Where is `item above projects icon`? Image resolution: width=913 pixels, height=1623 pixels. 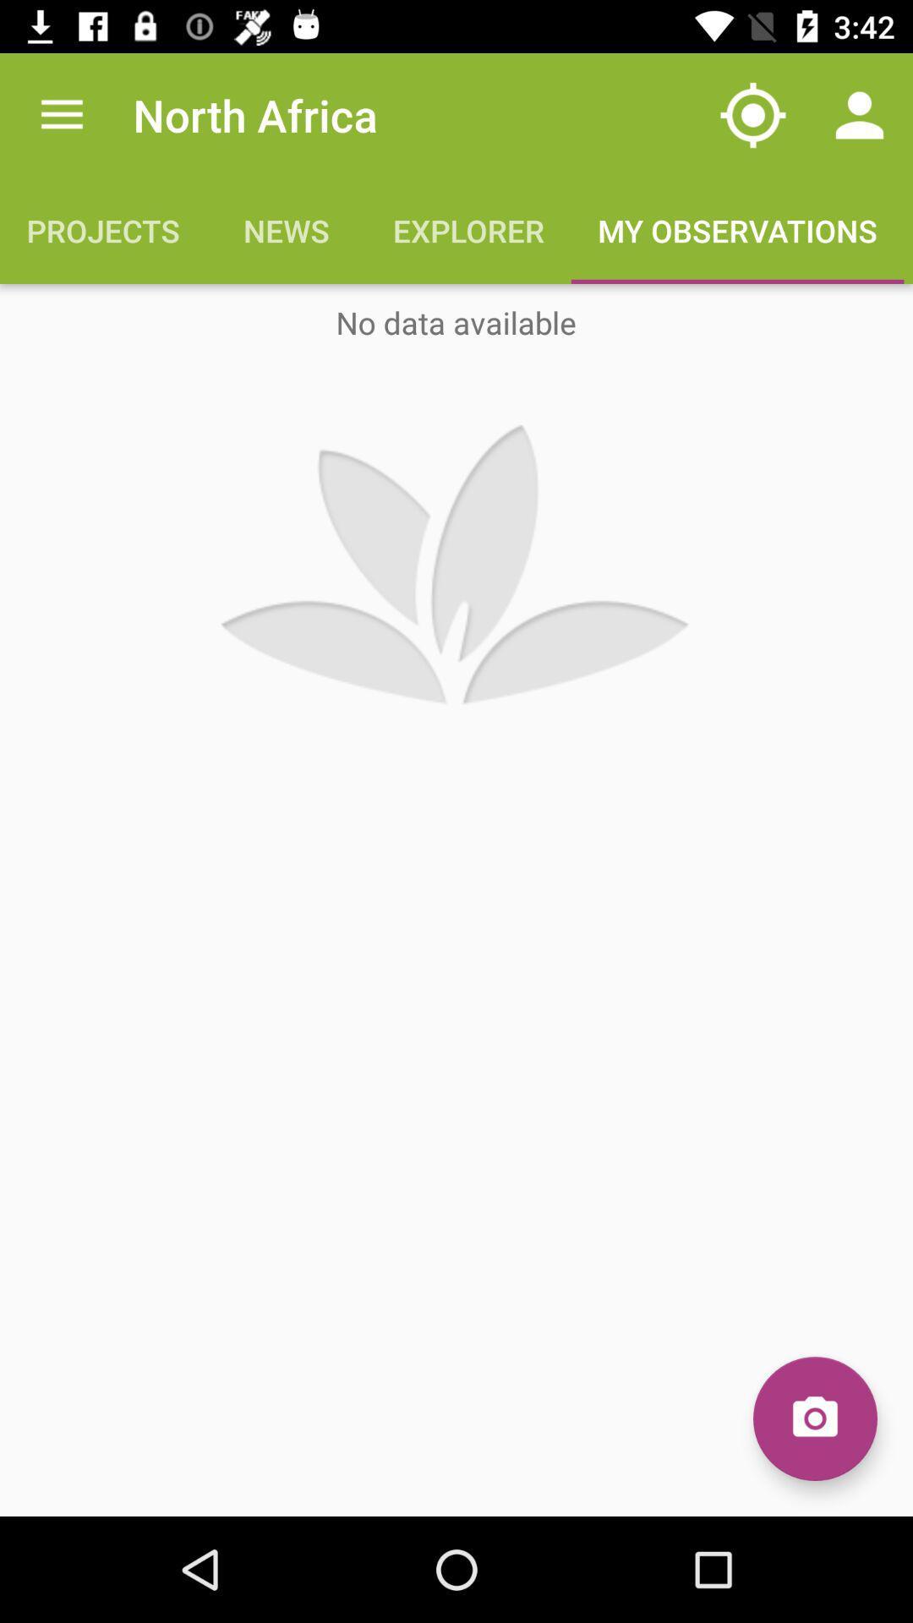 item above projects icon is located at coordinates (61, 114).